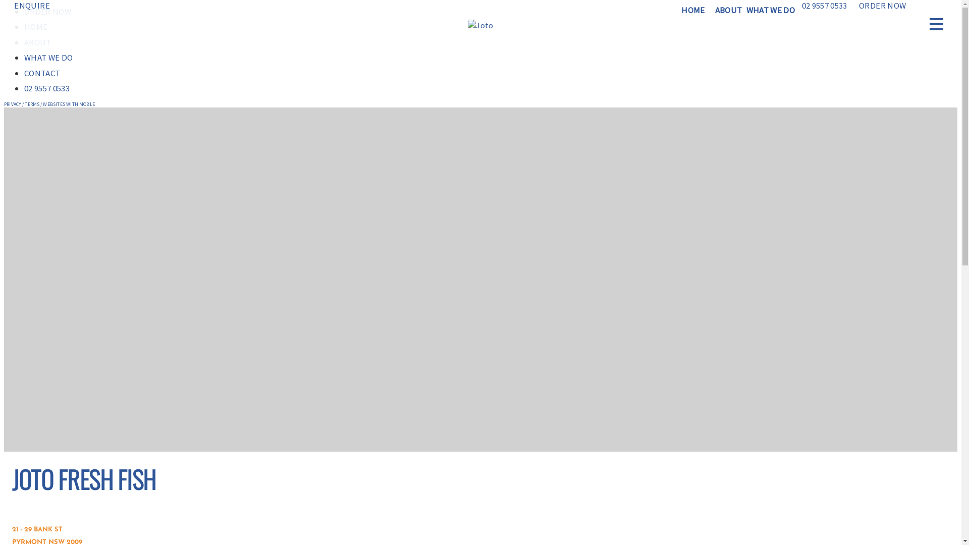  I want to click on 'WHAT WE DO', so click(48, 58).